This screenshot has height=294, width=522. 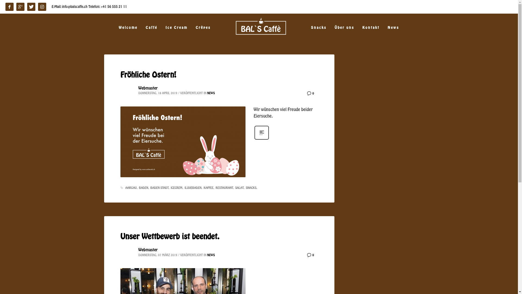 What do you see at coordinates (193, 188) in the screenshot?
I see `'ILOVEBADEN'` at bounding box center [193, 188].